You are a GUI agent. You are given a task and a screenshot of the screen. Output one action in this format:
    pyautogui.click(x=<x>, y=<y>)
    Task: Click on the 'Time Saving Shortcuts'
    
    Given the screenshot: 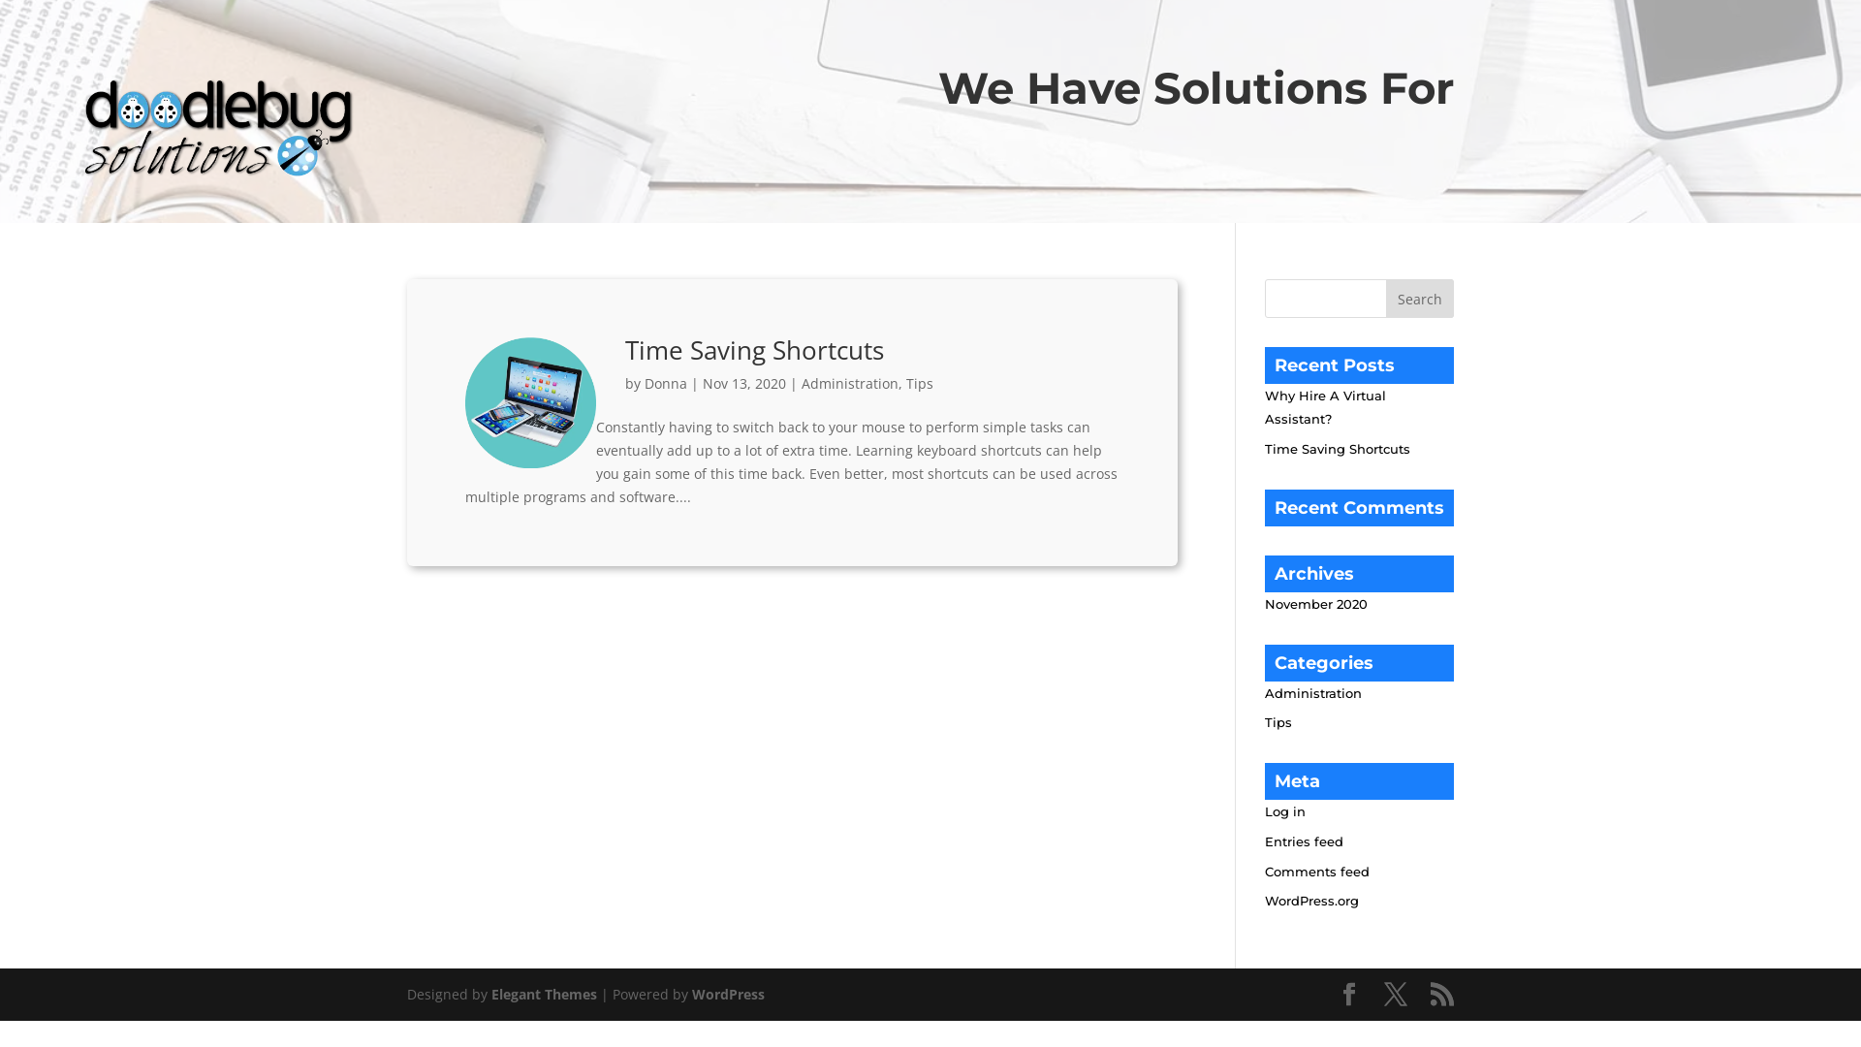 What is the action you would take?
    pyautogui.click(x=1337, y=448)
    